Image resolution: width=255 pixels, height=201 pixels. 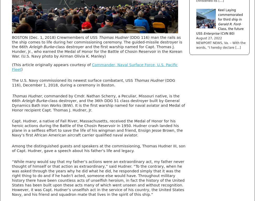 What do you see at coordinates (55, 37) in the screenshot?
I see `'BOSTON (Dec. 1, 2018) Crewmembers of USS'` at bounding box center [55, 37].